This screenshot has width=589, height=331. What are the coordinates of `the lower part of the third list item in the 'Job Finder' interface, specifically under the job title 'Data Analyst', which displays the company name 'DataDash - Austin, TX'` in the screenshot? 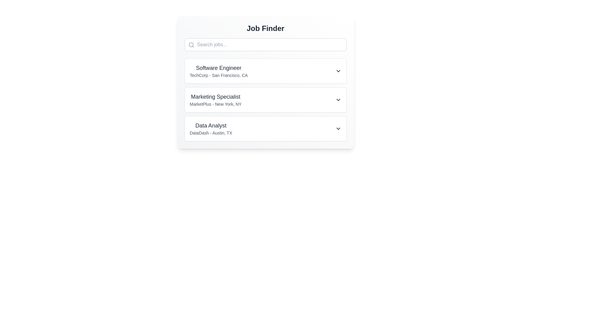 It's located at (211, 128).